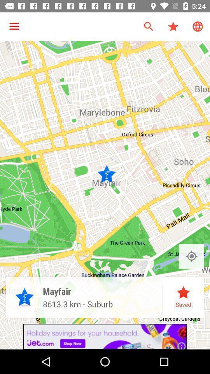 The width and height of the screenshot is (210, 374). I want to click on google map, so click(191, 256).